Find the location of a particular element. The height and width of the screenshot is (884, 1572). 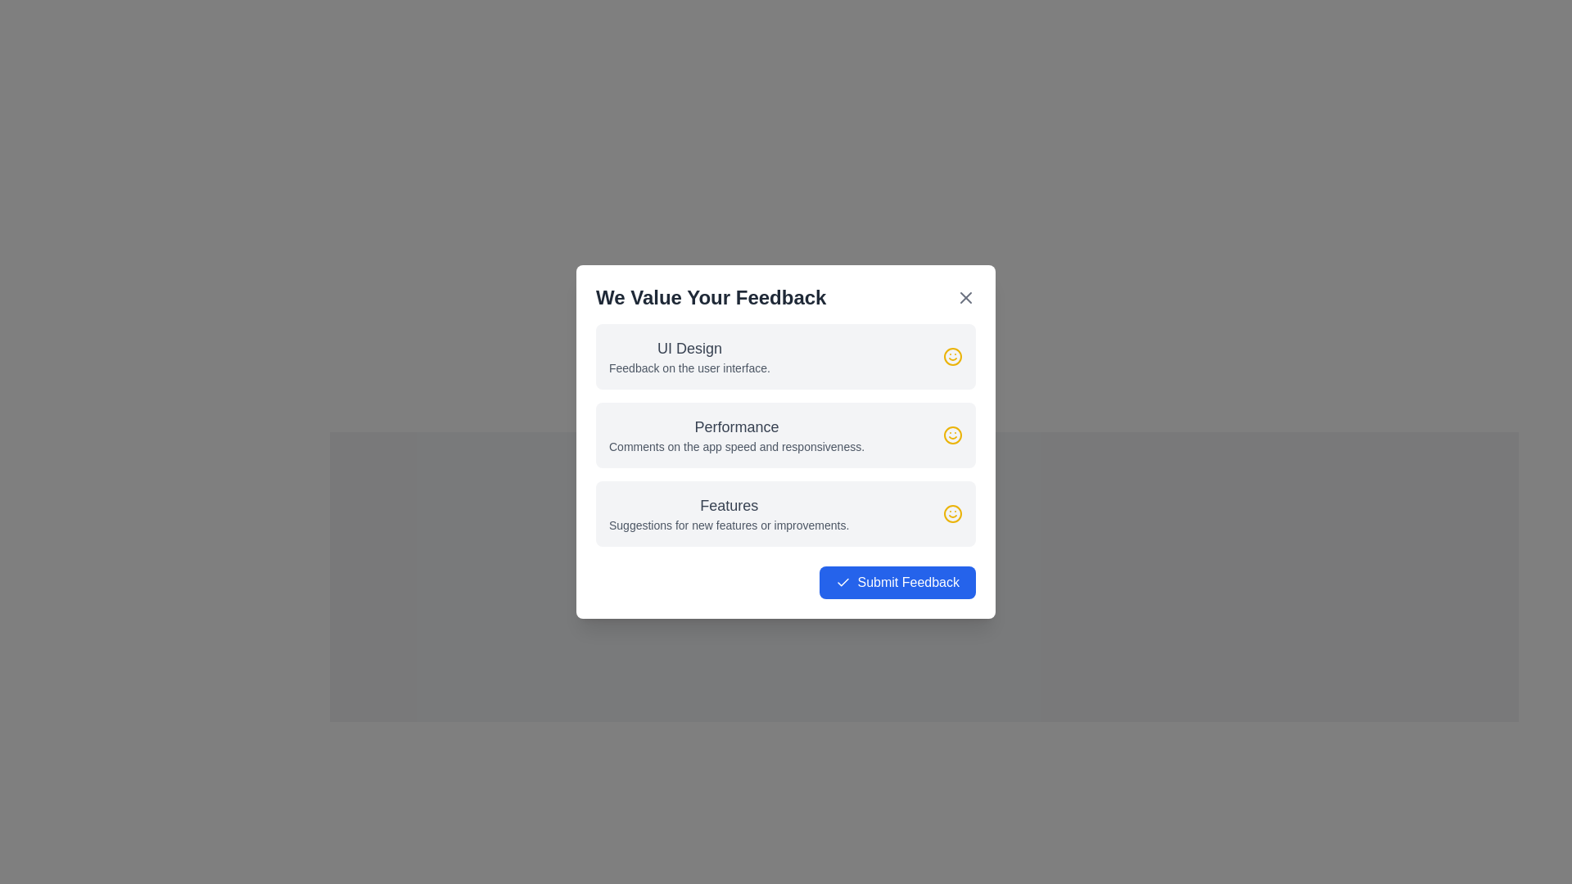

text label indicating the specific feedback category related to user interface design, located at the top of the feedback card above the descriptive text 'Feedback on the user interface.' is located at coordinates (689, 347).